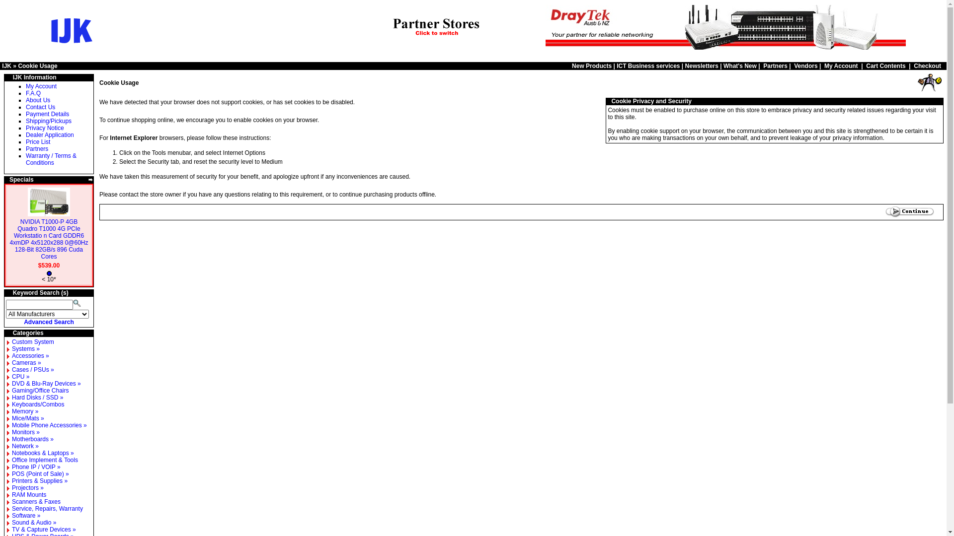  Describe the element at coordinates (648, 66) in the screenshot. I see `'ICT Business services'` at that location.